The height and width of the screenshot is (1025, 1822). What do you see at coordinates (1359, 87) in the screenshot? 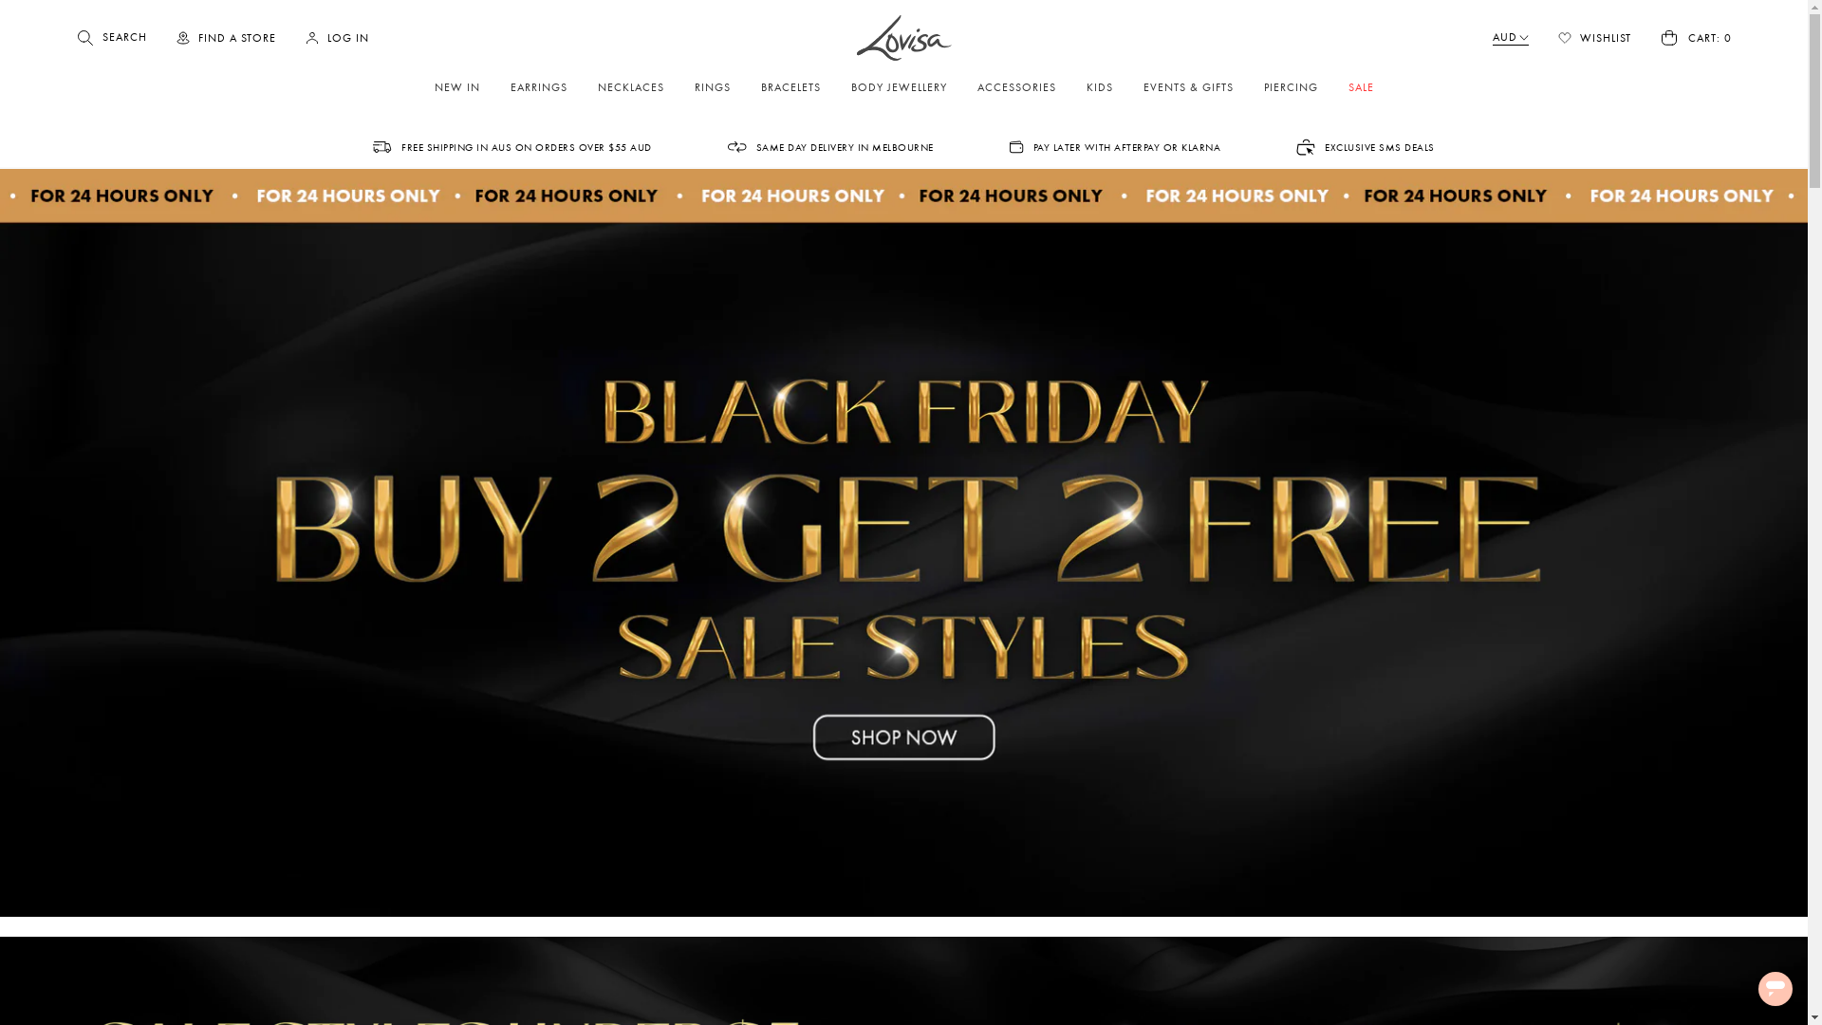
I see `'SALE'` at bounding box center [1359, 87].